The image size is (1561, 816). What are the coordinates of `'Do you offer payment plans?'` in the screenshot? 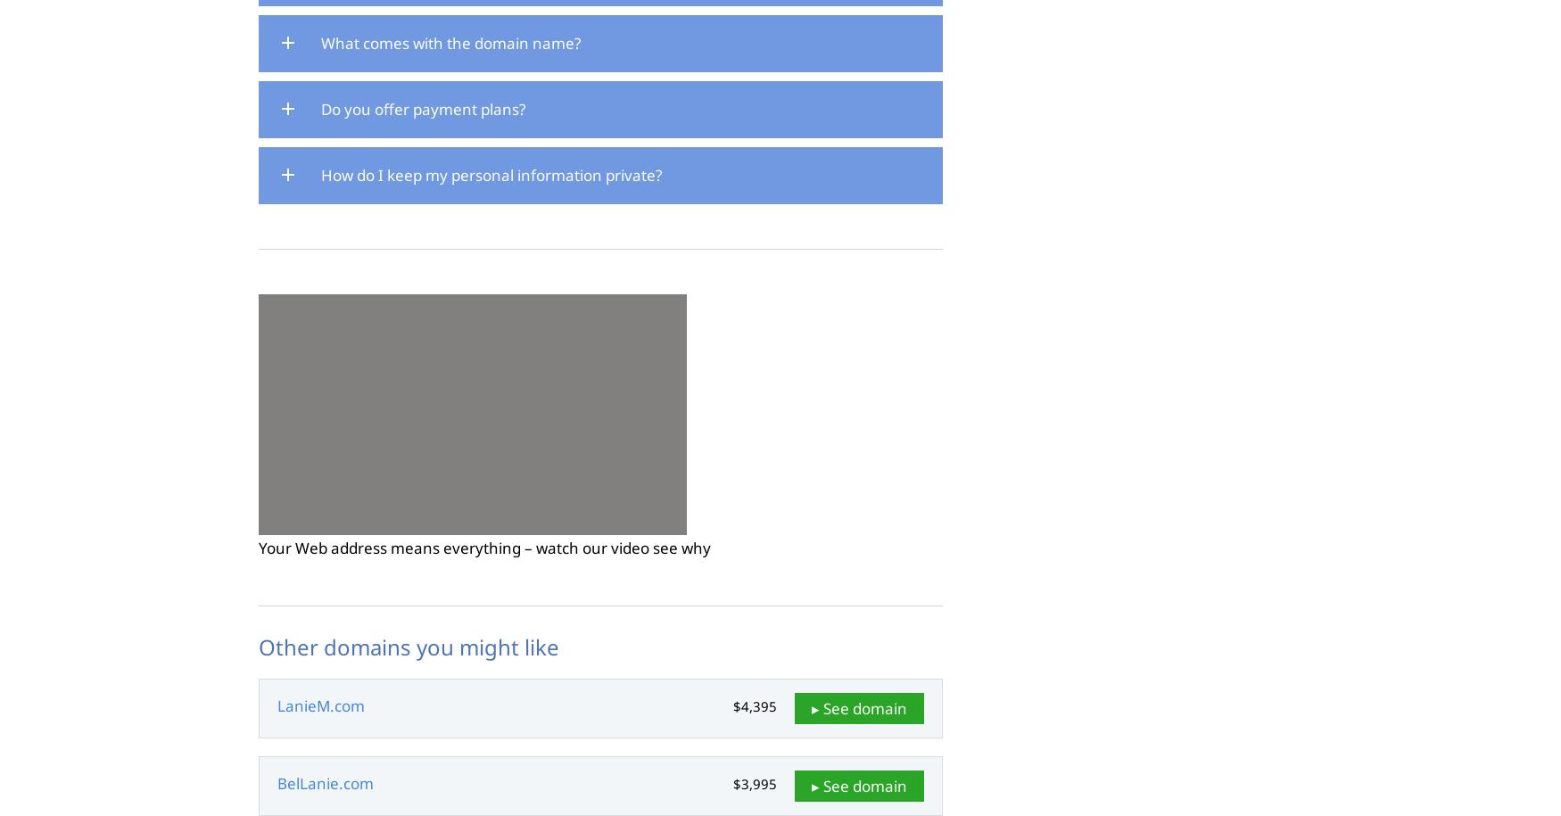 It's located at (423, 109).